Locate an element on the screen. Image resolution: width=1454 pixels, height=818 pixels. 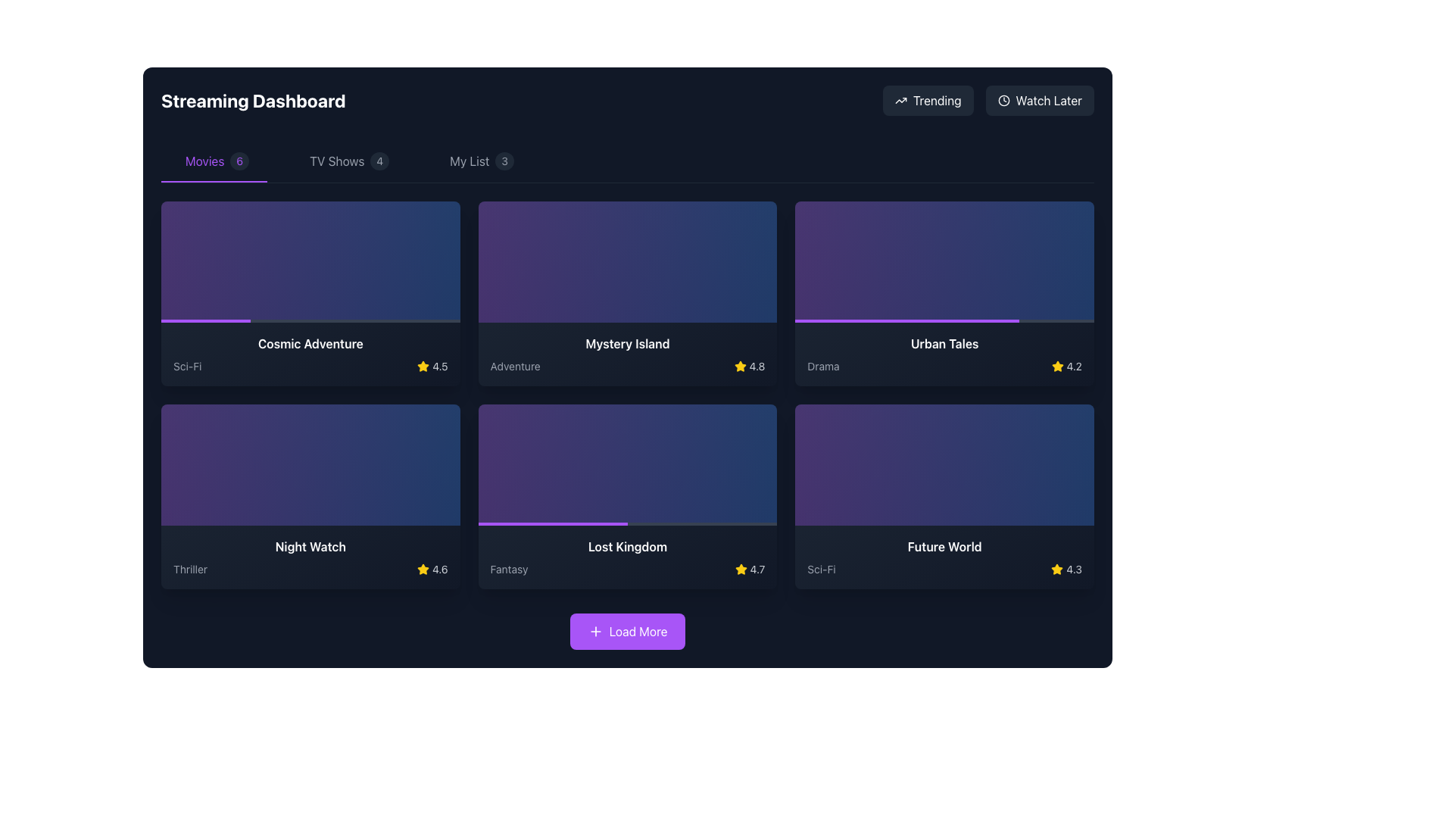
the Informational content card featuring 'Urban Tales' and 'Drama 4.2', located in the rightmost column of the top row in the 'Movies' section is located at coordinates (944, 294).